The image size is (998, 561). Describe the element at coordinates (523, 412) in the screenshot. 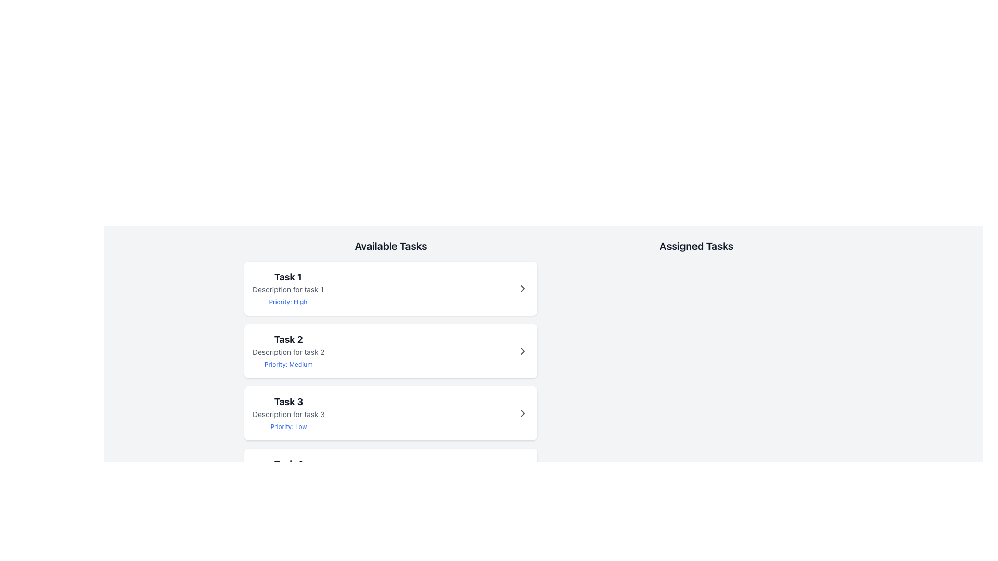

I see `the indicator icon located at the end of the third task item in the 'Available Tasks' column` at that location.